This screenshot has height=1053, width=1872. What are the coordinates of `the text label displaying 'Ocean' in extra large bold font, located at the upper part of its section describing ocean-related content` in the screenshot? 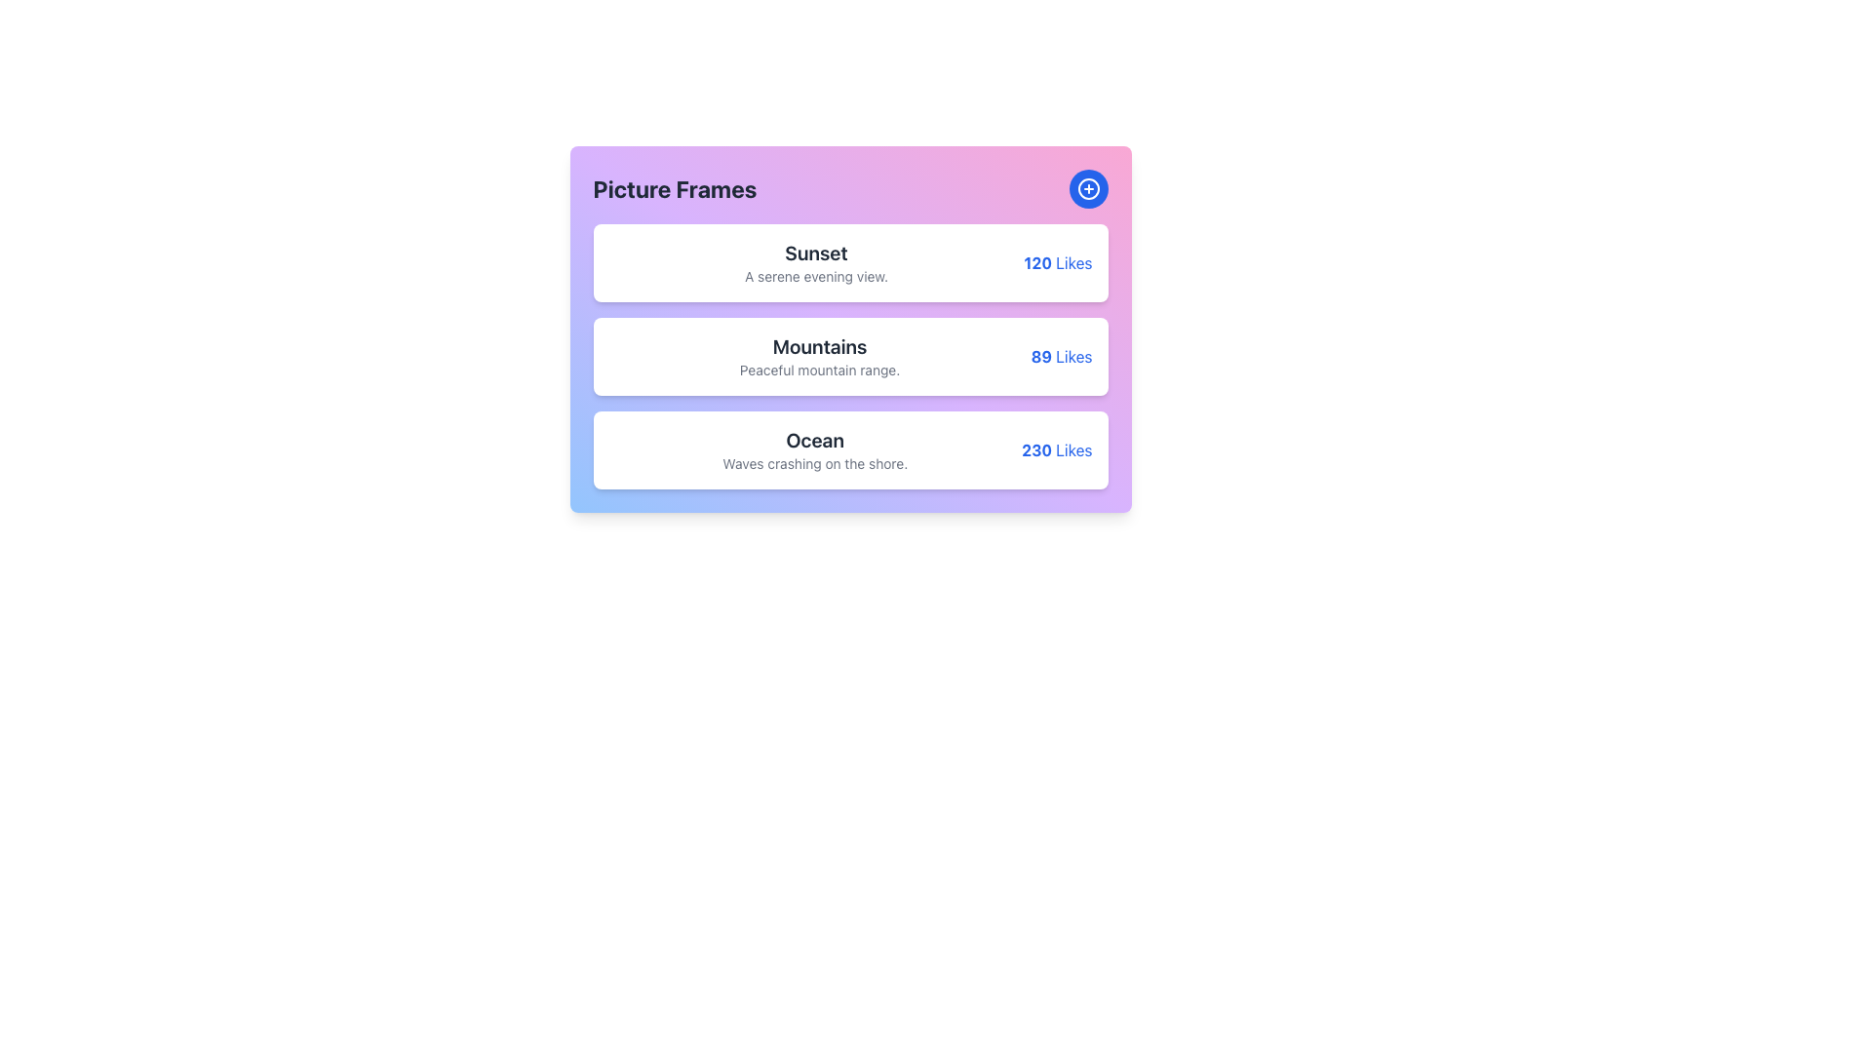 It's located at (815, 440).